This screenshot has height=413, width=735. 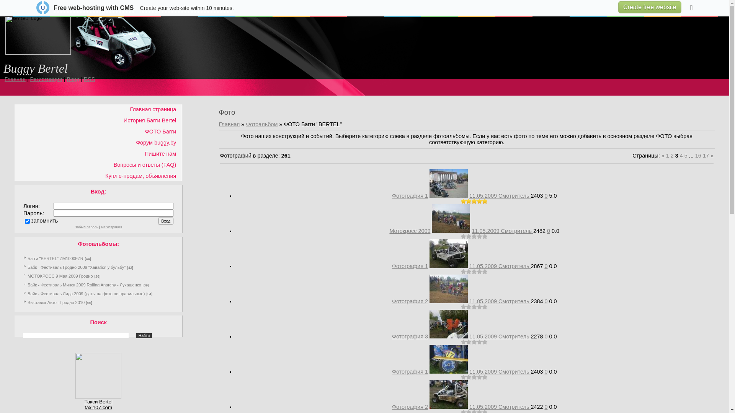 I want to click on '16', so click(x=695, y=155).